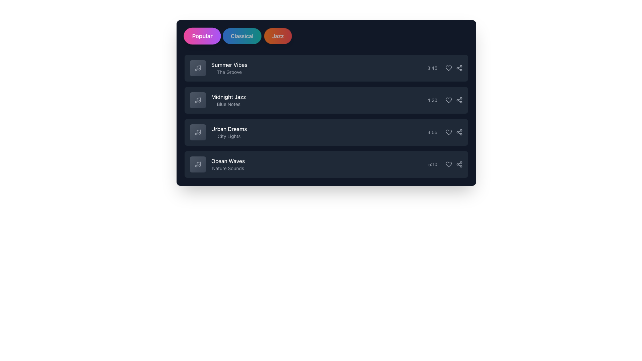 The width and height of the screenshot is (642, 361). Describe the element at coordinates (449, 164) in the screenshot. I see `the like button located in the fourth list item titled 'Ocean Waves'` at that location.